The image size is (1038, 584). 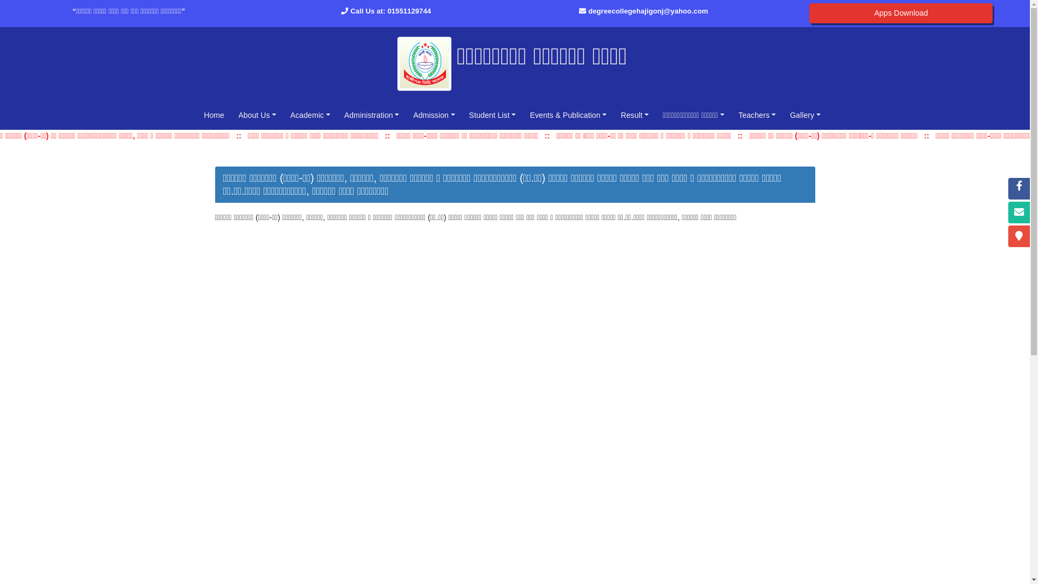 I want to click on 'Apps Download', so click(x=901, y=13).